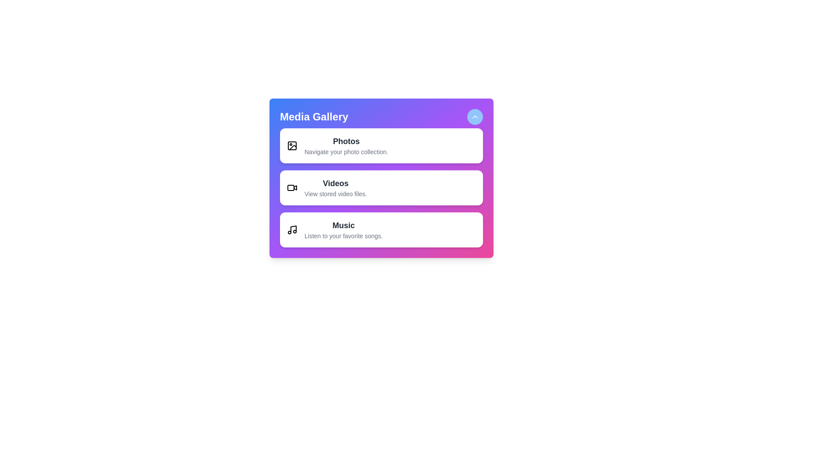 This screenshot has width=840, height=473. Describe the element at coordinates (381, 145) in the screenshot. I see `the media type Photos from the list` at that location.